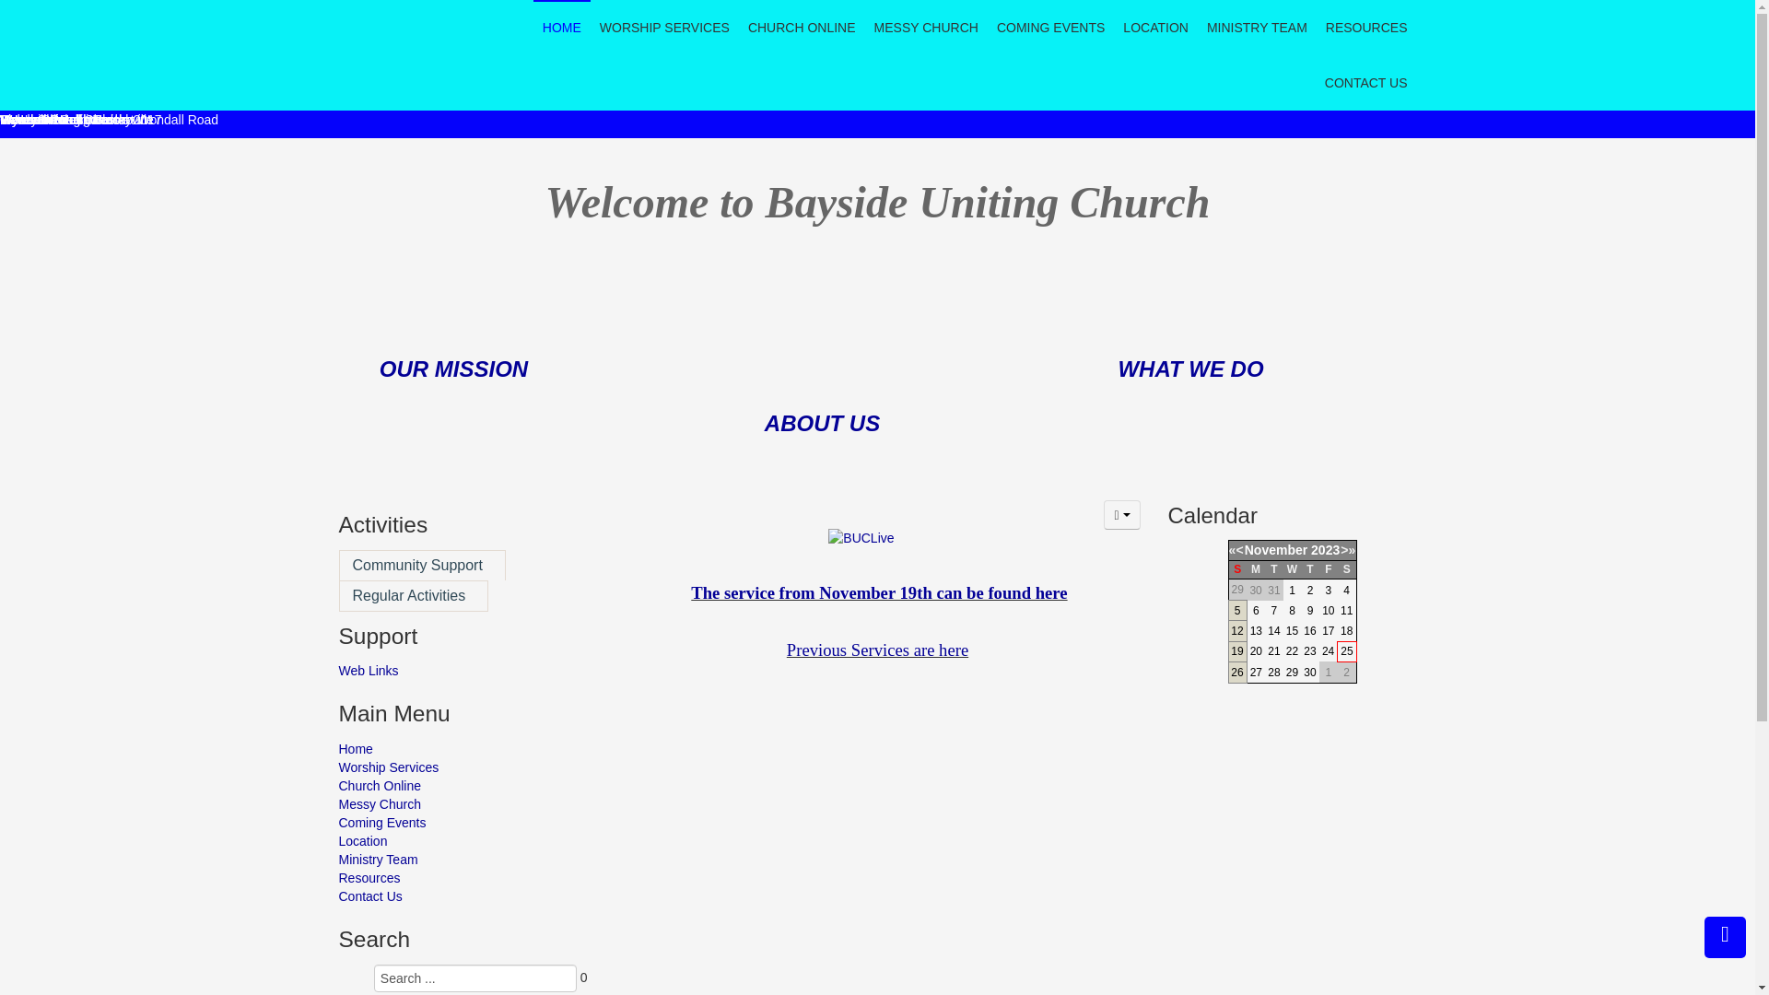 Image resolution: width=1769 pixels, height=995 pixels. I want to click on '29', so click(1291, 672).